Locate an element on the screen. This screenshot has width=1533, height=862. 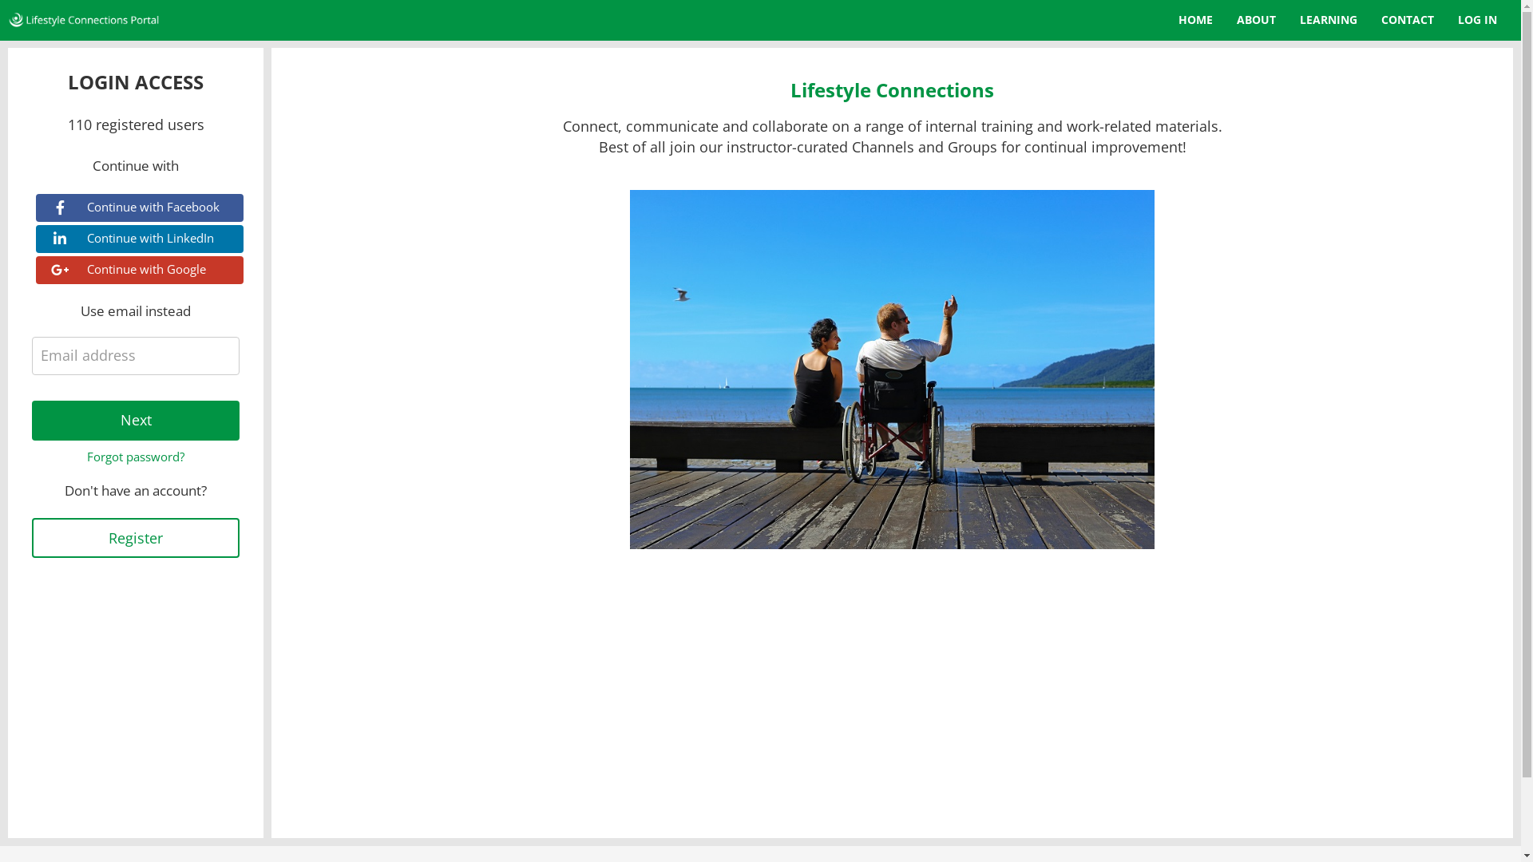
'HOME' is located at coordinates (1195, 20).